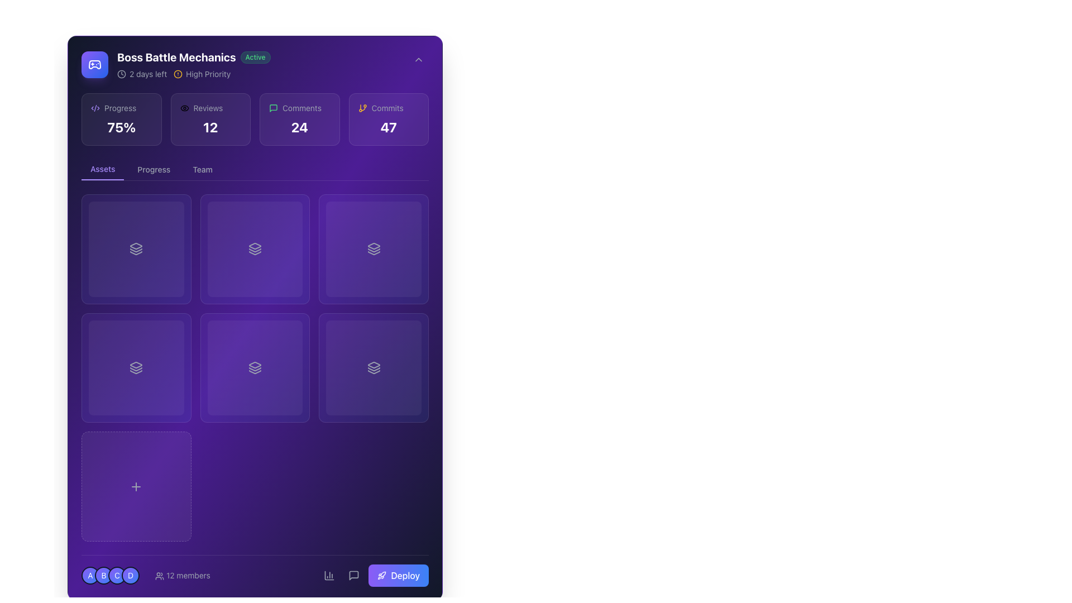 Image resolution: width=1072 pixels, height=603 pixels. What do you see at coordinates (374, 250) in the screenshot?
I see `the middle layer icon in the stack of three icons in the grid layout` at bounding box center [374, 250].